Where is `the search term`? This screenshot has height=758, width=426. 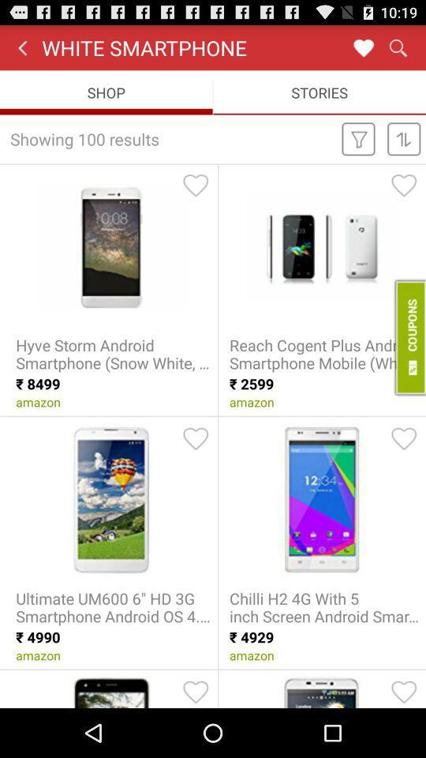 the search term is located at coordinates (363, 47).